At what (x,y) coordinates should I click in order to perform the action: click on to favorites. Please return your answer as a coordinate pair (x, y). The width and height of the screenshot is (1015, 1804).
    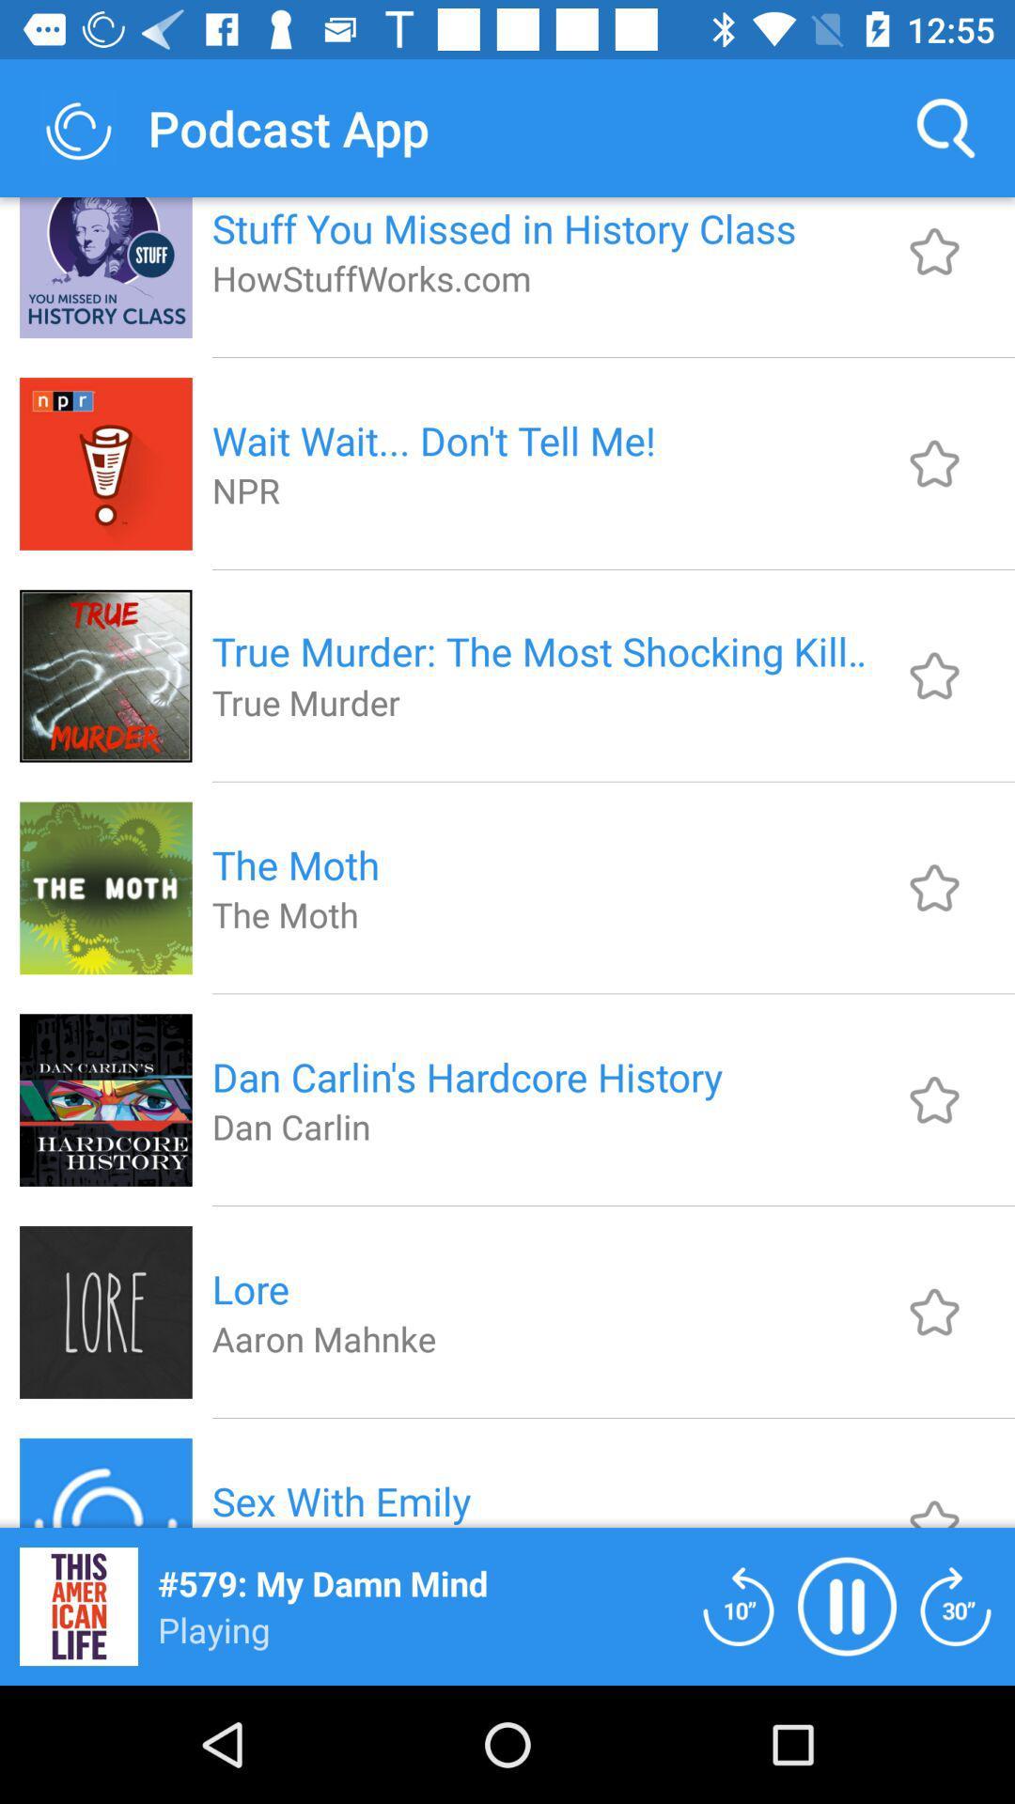
    Looking at the image, I should click on (934, 887).